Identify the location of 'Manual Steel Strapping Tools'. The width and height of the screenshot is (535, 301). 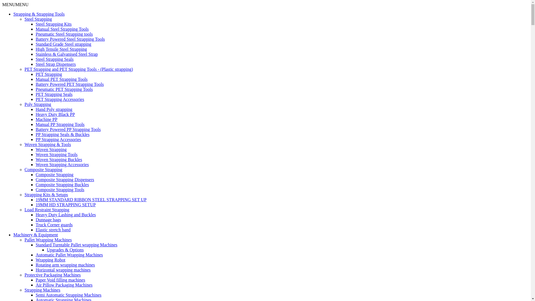
(62, 29).